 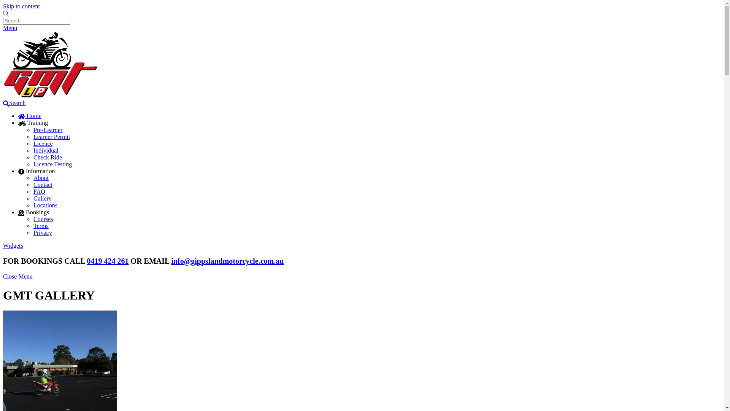 What do you see at coordinates (39, 191) in the screenshot?
I see `'FAQ'` at bounding box center [39, 191].